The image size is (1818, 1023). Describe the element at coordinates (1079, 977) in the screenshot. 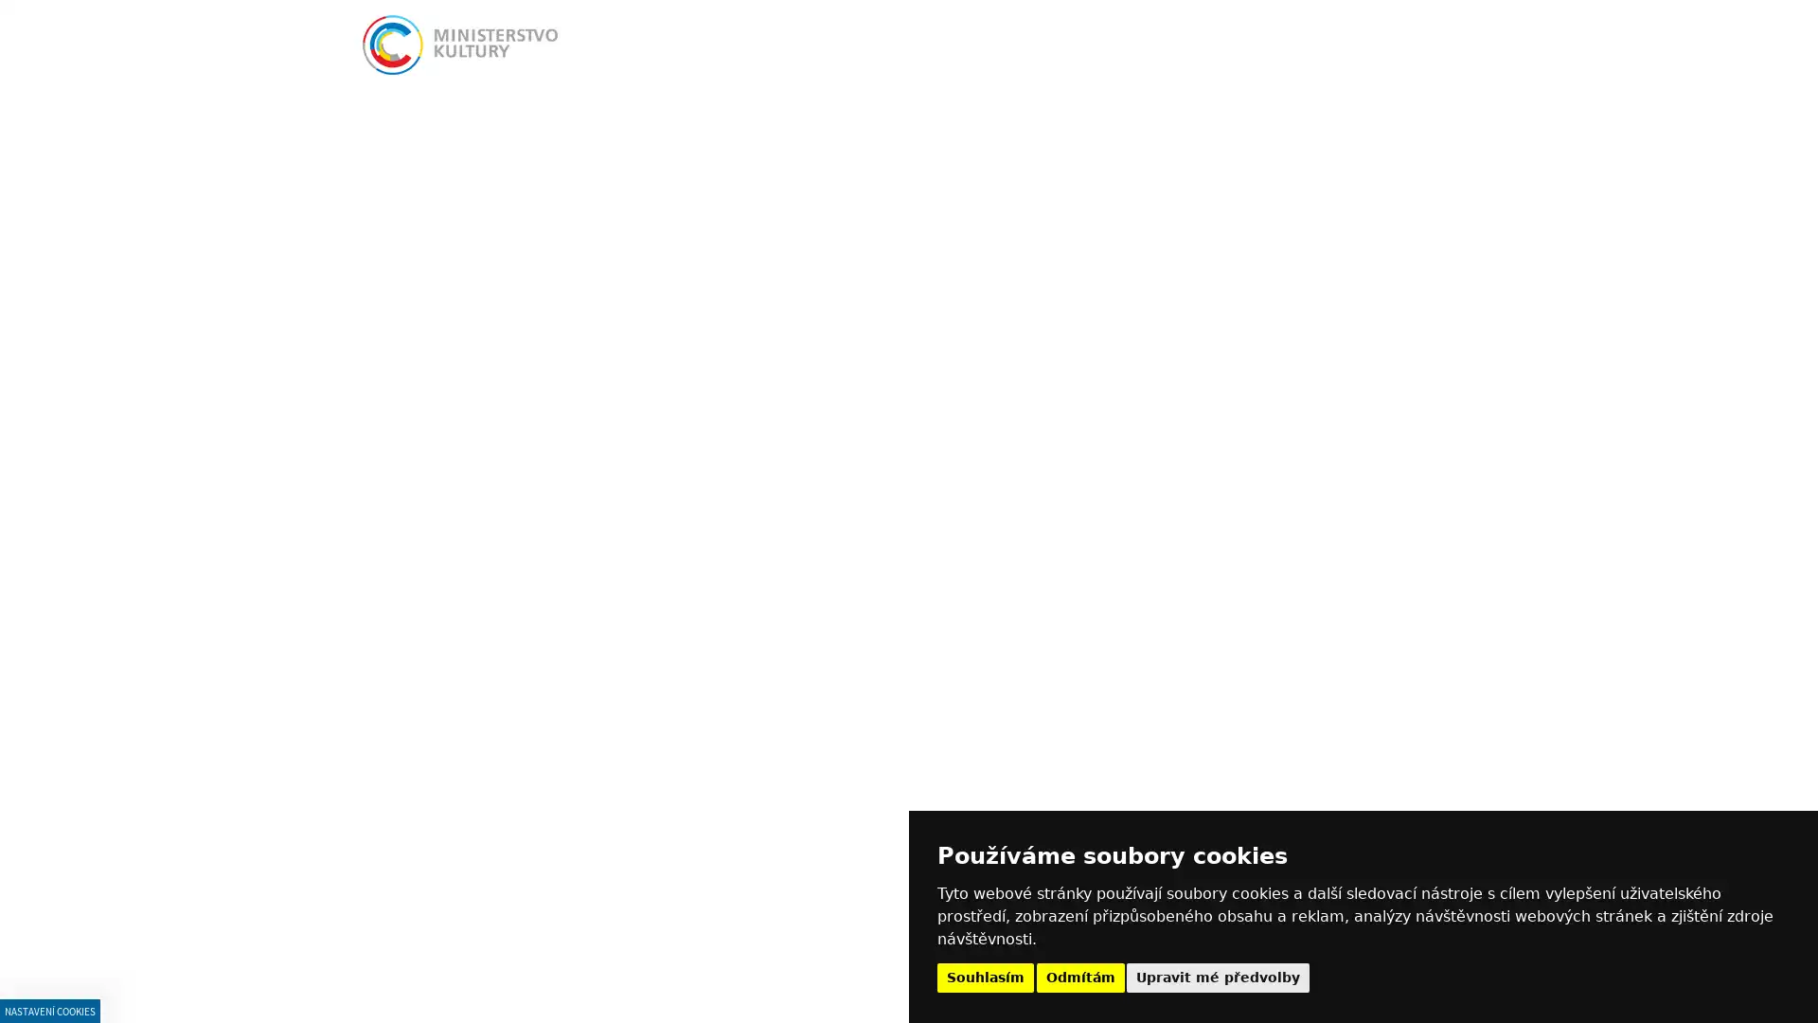

I see `Odmitam` at that location.